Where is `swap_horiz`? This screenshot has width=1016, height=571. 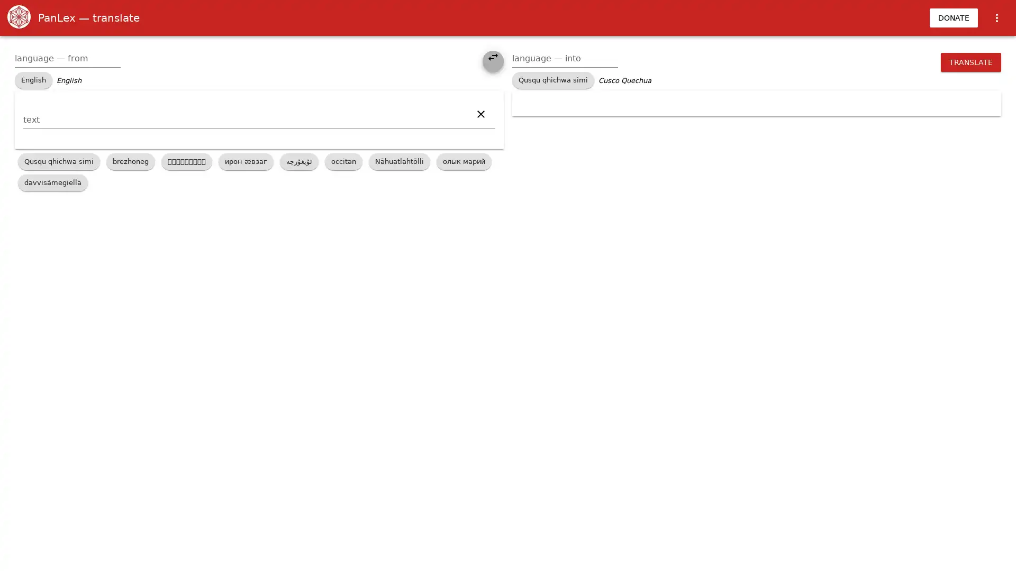 swap_horiz is located at coordinates (492, 61).